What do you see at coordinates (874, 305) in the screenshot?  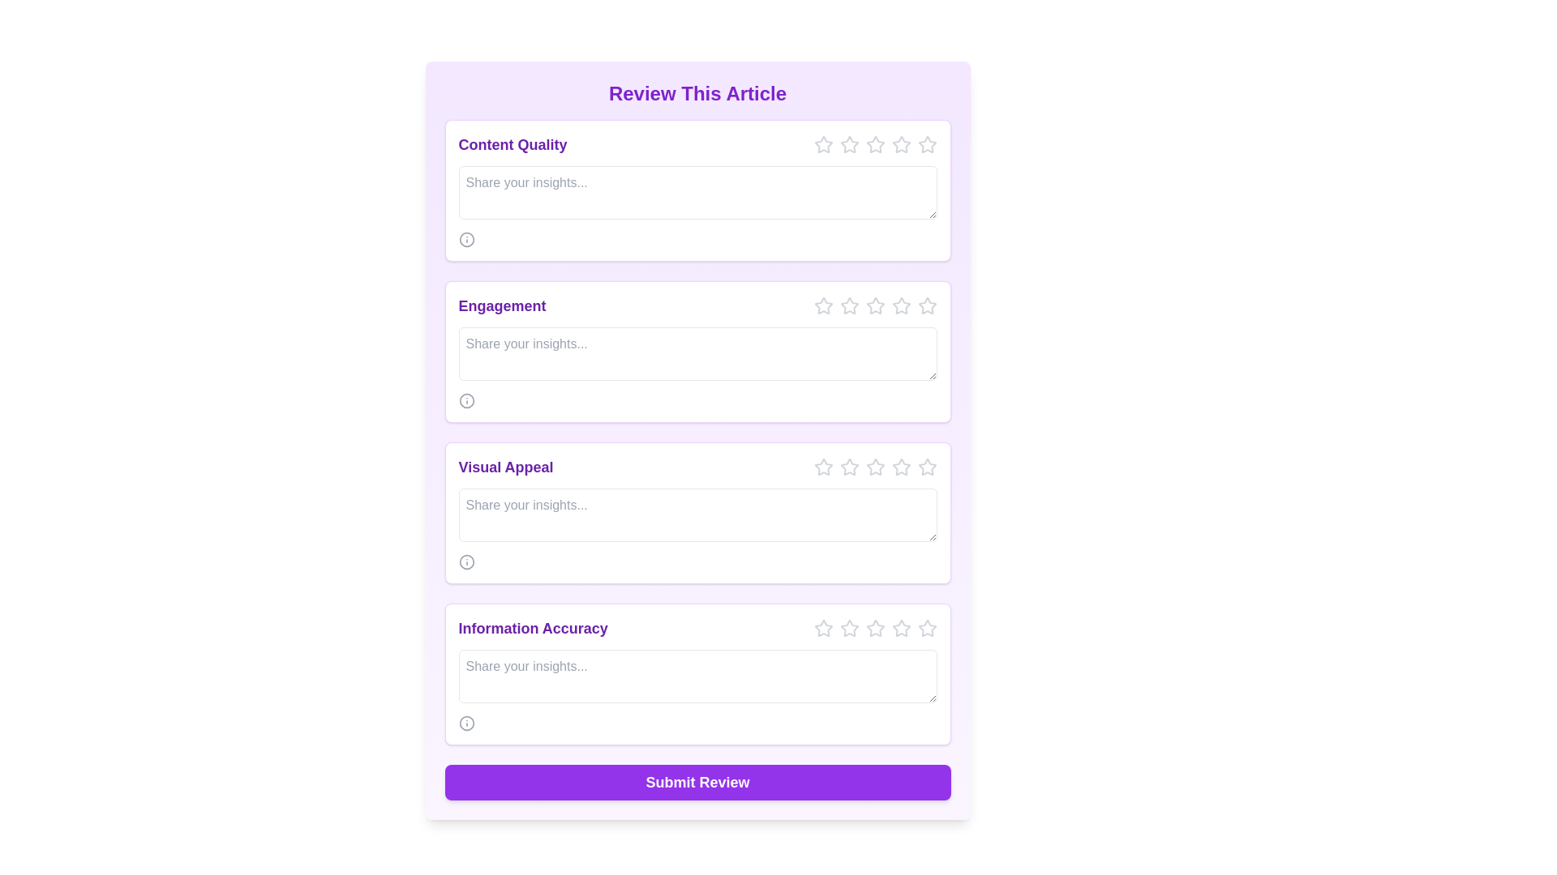 I see `the fourth star icon in the engagement section` at bounding box center [874, 305].